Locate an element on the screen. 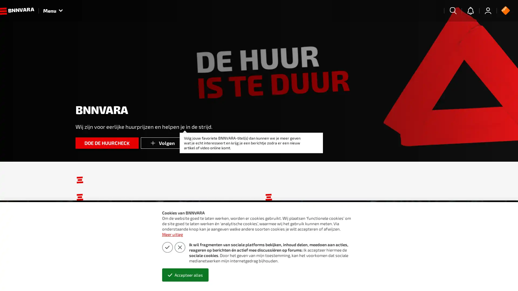  zoek is located at coordinates (453, 11).